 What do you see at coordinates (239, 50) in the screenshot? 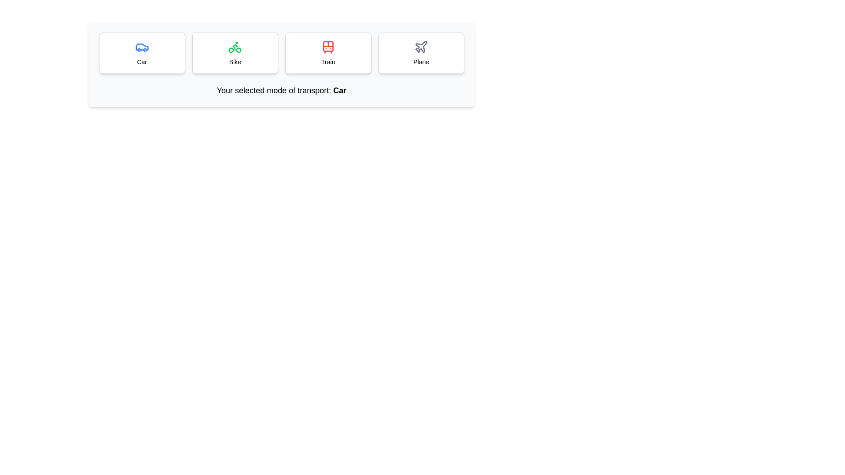
I see `the right wheel icon of the bike in the transport mode selector, located in the second button from the left` at bounding box center [239, 50].